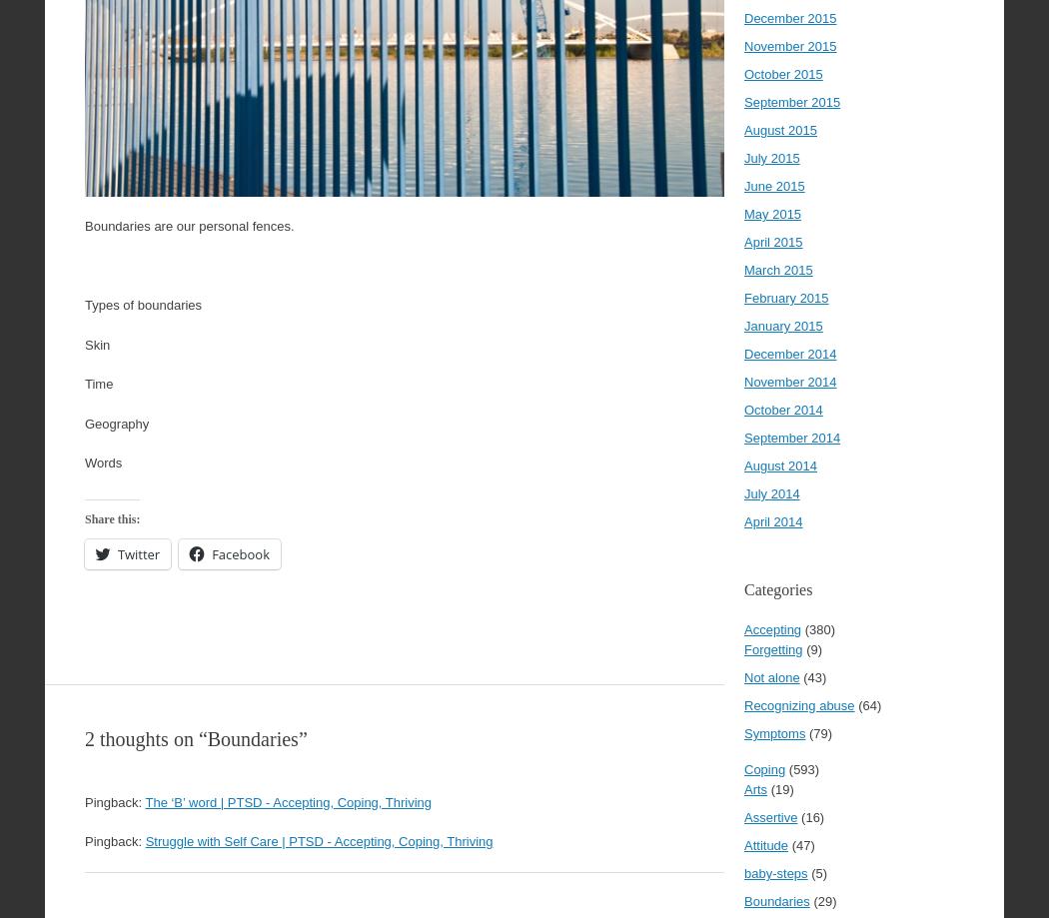  I want to click on 'November 2014', so click(788, 382).